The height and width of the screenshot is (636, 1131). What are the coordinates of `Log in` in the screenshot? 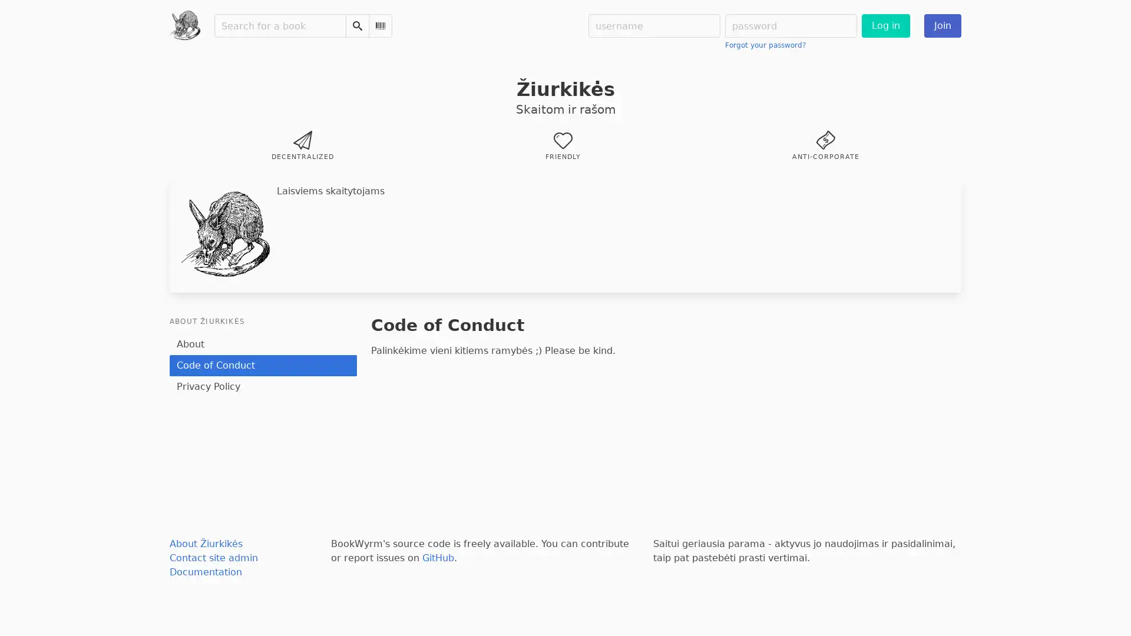 It's located at (885, 25).